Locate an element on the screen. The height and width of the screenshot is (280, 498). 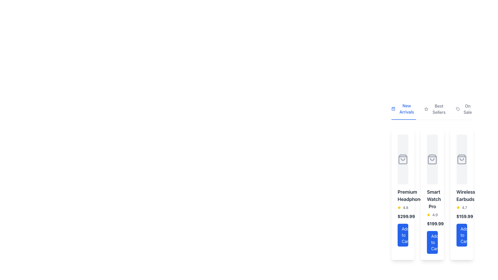
the numerical value '4.9' displayed in gray font, which is part of the rating display for the 'Smart Watch Pro' product, positioned next to a yellow star icon is located at coordinates (435, 215).